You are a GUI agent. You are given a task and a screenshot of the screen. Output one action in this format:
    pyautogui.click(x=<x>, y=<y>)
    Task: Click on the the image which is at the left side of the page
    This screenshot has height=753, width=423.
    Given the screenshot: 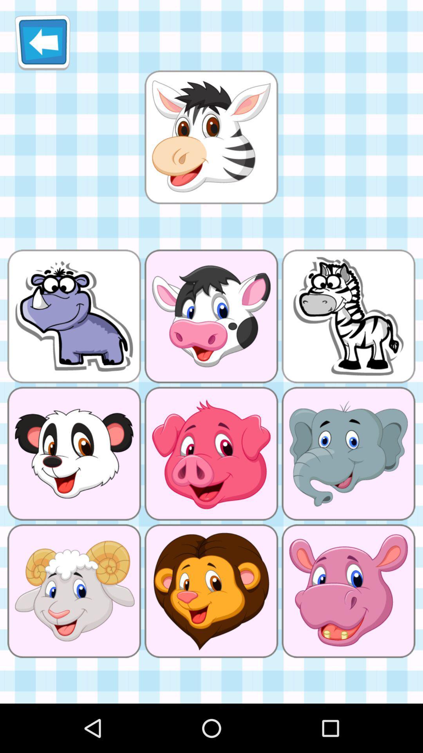 What is the action you would take?
    pyautogui.click(x=74, y=316)
    